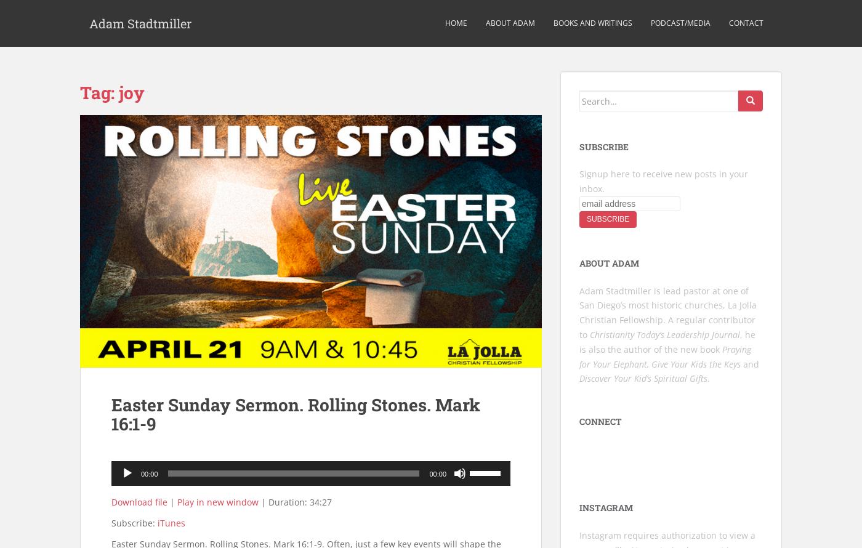  I want to click on 'Subscribe:', so click(134, 522).